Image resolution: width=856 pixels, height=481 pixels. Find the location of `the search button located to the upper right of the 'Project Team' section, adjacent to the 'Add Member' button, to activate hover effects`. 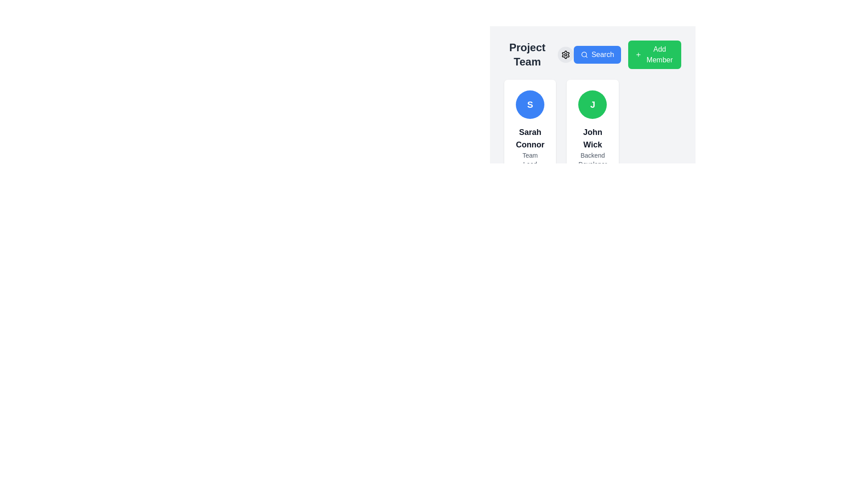

the search button located to the upper right of the 'Project Team' section, adjacent to the 'Add Member' button, to activate hover effects is located at coordinates (597, 55).